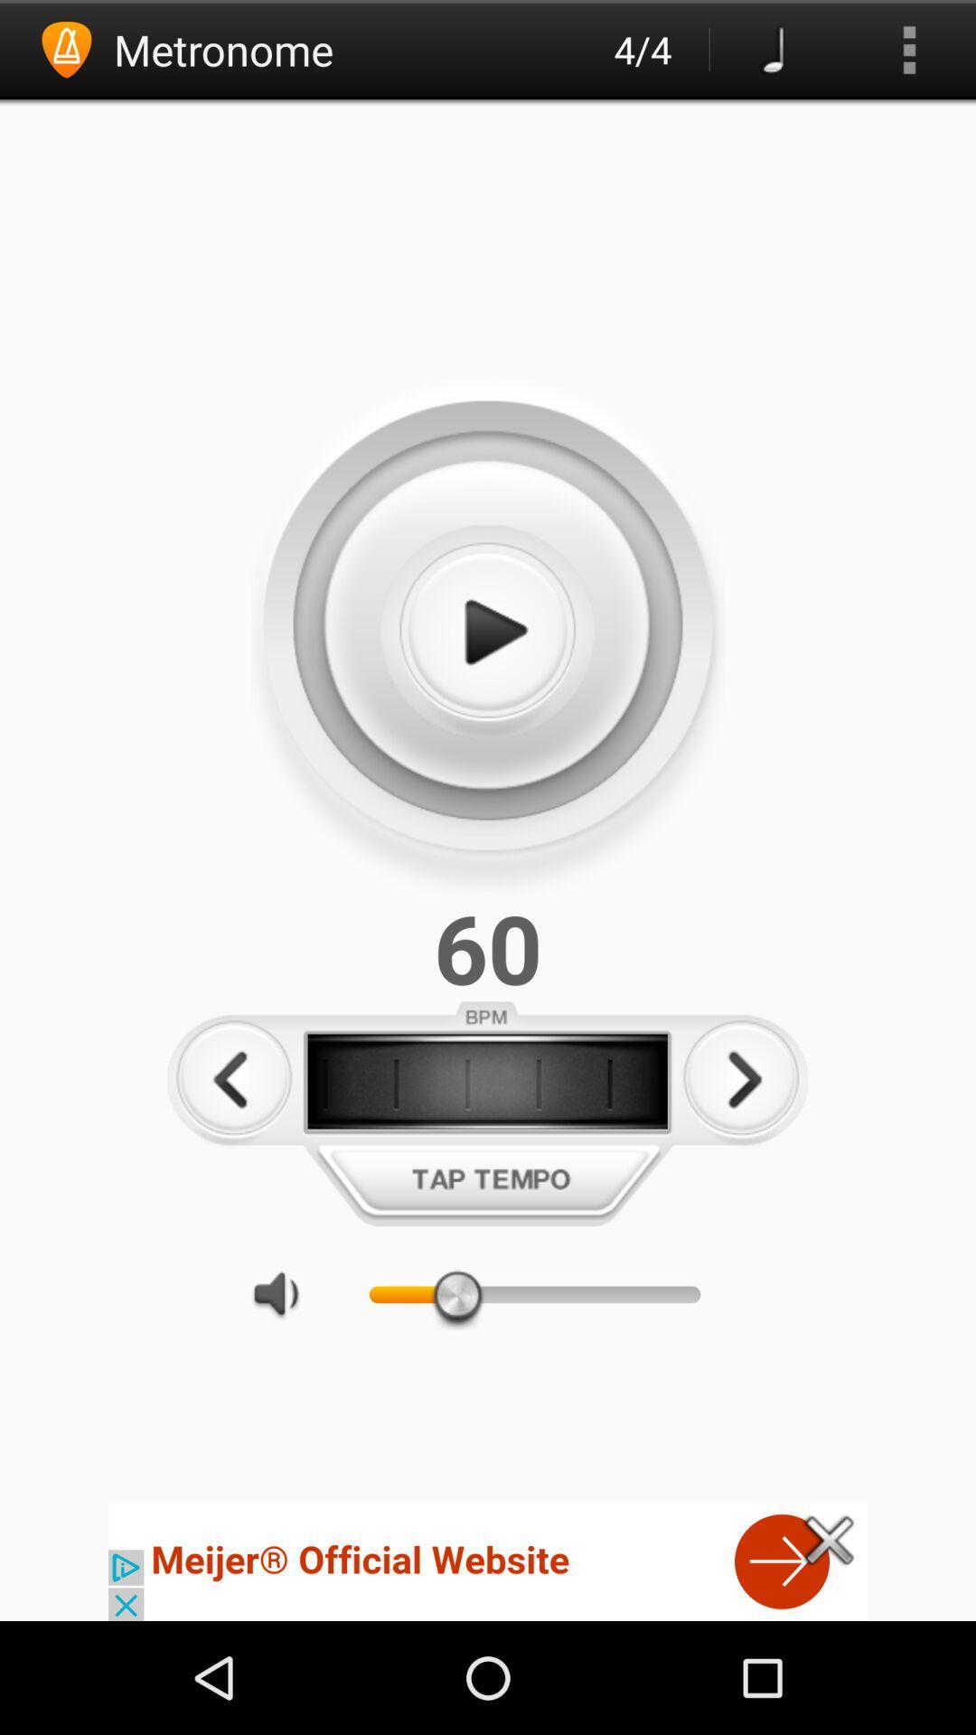 The height and width of the screenshot is (1735, 976). Describe the element at coordinates (233, 1155) in the screenshot. I see `the arrow_backward icon` at that location.